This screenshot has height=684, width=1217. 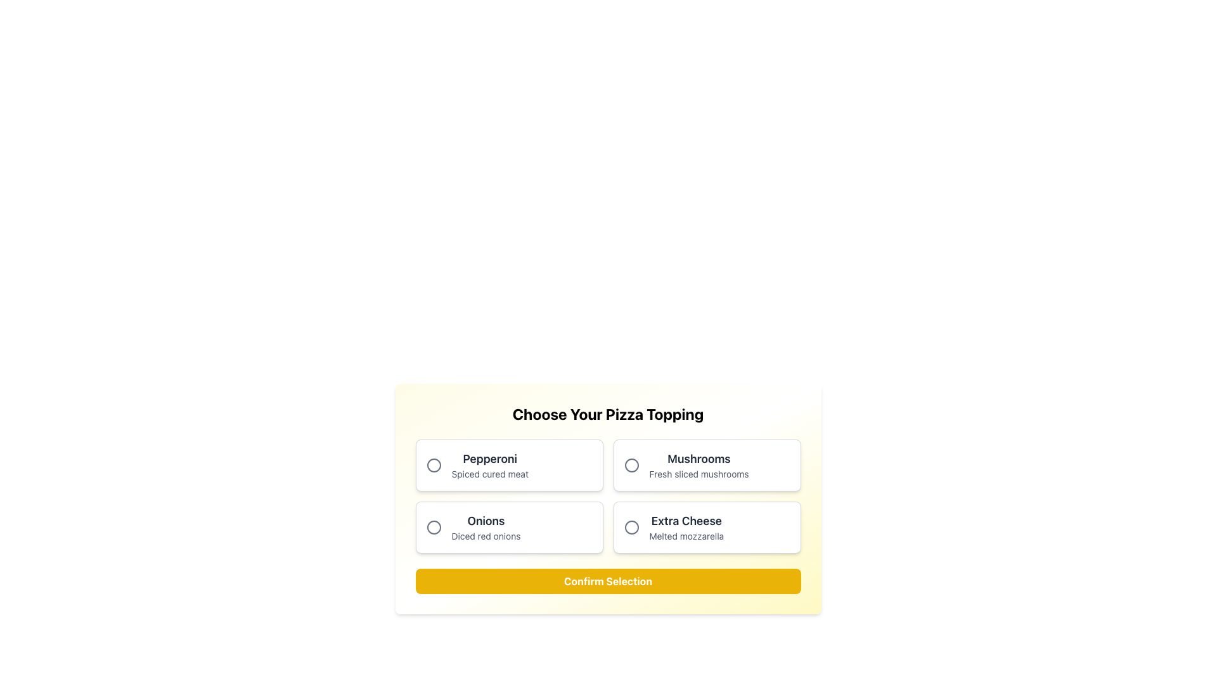 What do you see at coordinates (489, 474) in the screenshot?
I see `the static text label that describes the 'Pepperoni' pizza topping, located directly below the bold title 'Pepperoni' in the toppings selection section` at bounding box center [489, 474].